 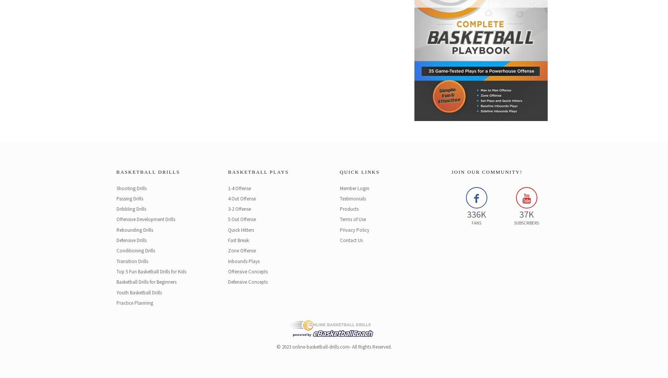 I want to click on 'Fast Break', so click(x=238, y=240).